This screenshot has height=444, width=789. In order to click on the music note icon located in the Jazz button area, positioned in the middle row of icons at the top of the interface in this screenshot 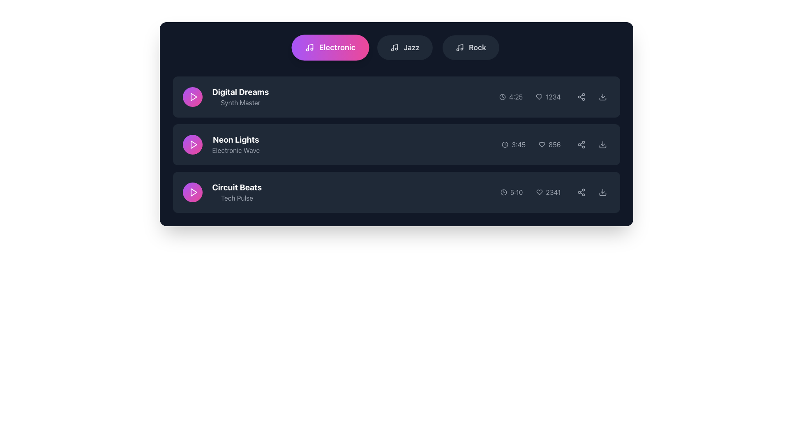, I will do `click(395, 47)`.